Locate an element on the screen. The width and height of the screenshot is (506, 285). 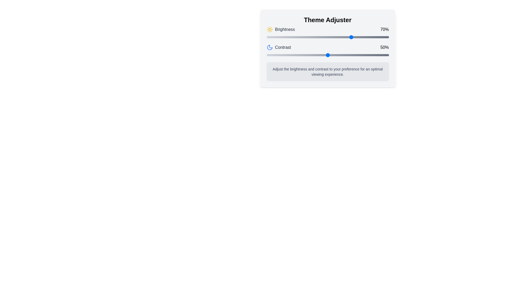
the text label reading 'Contrast', which is styled with gray text and positioned below the 'Brightness' label in the control panel interface is located at coordinates (283, 47).